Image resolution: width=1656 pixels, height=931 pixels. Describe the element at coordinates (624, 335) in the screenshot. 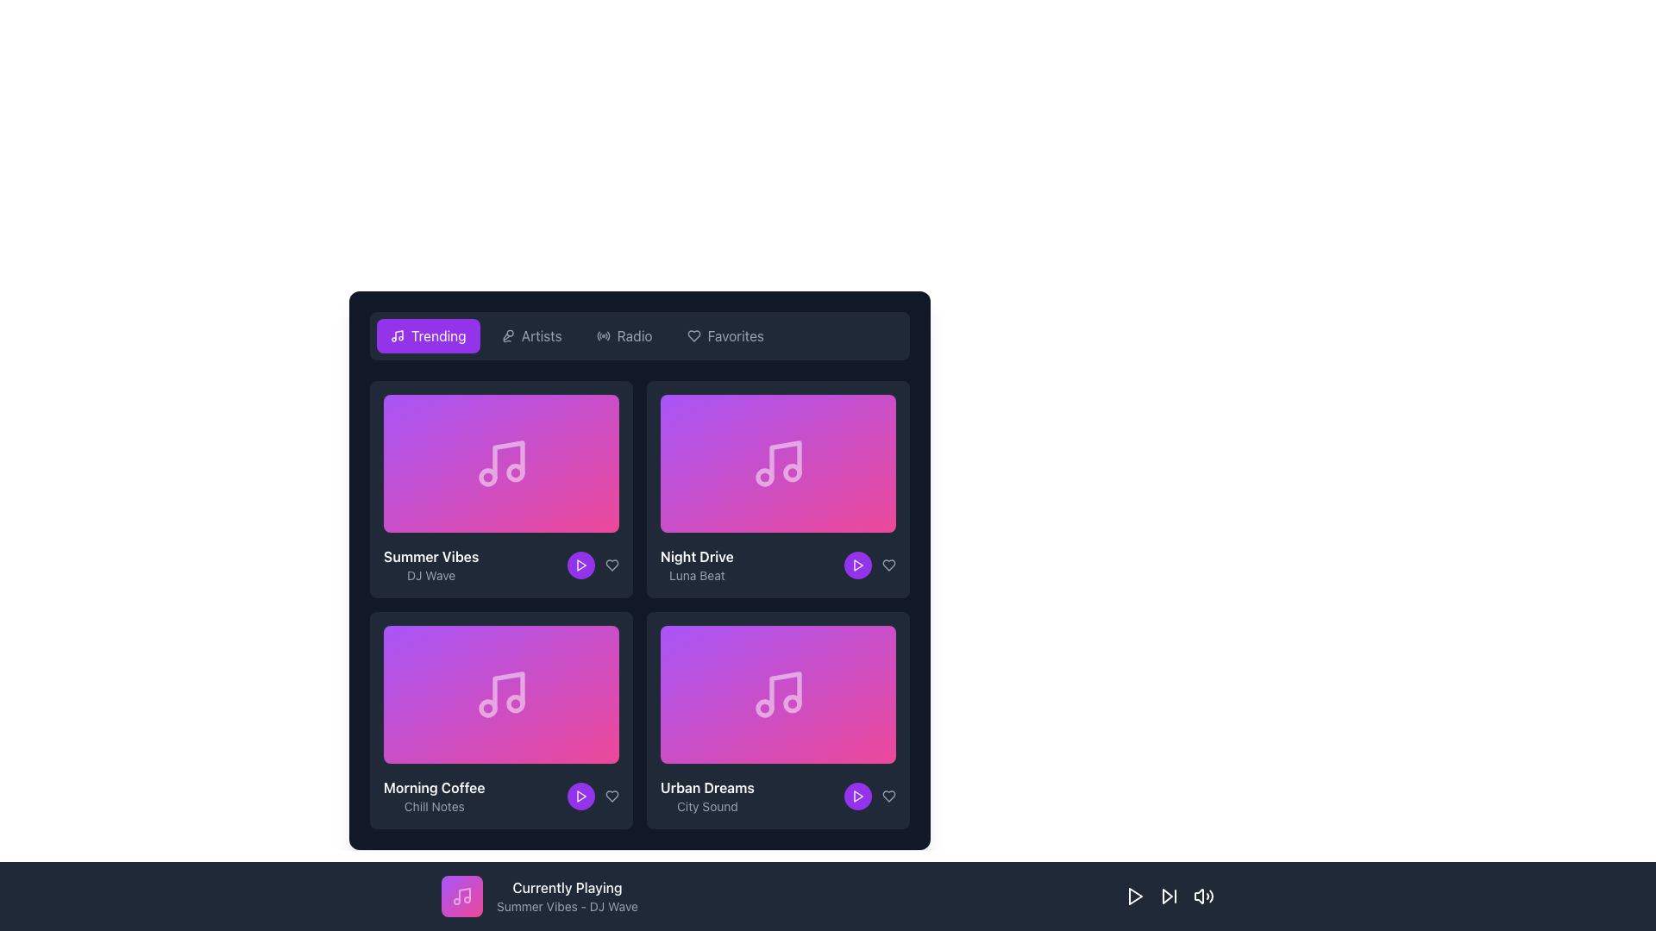

I see `the third button in the horizontal navigation bar` at that location.